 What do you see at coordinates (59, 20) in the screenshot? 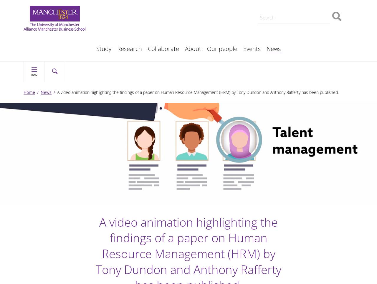
I see `'Rankings and accreditations'` at bounding box center [59, 20].